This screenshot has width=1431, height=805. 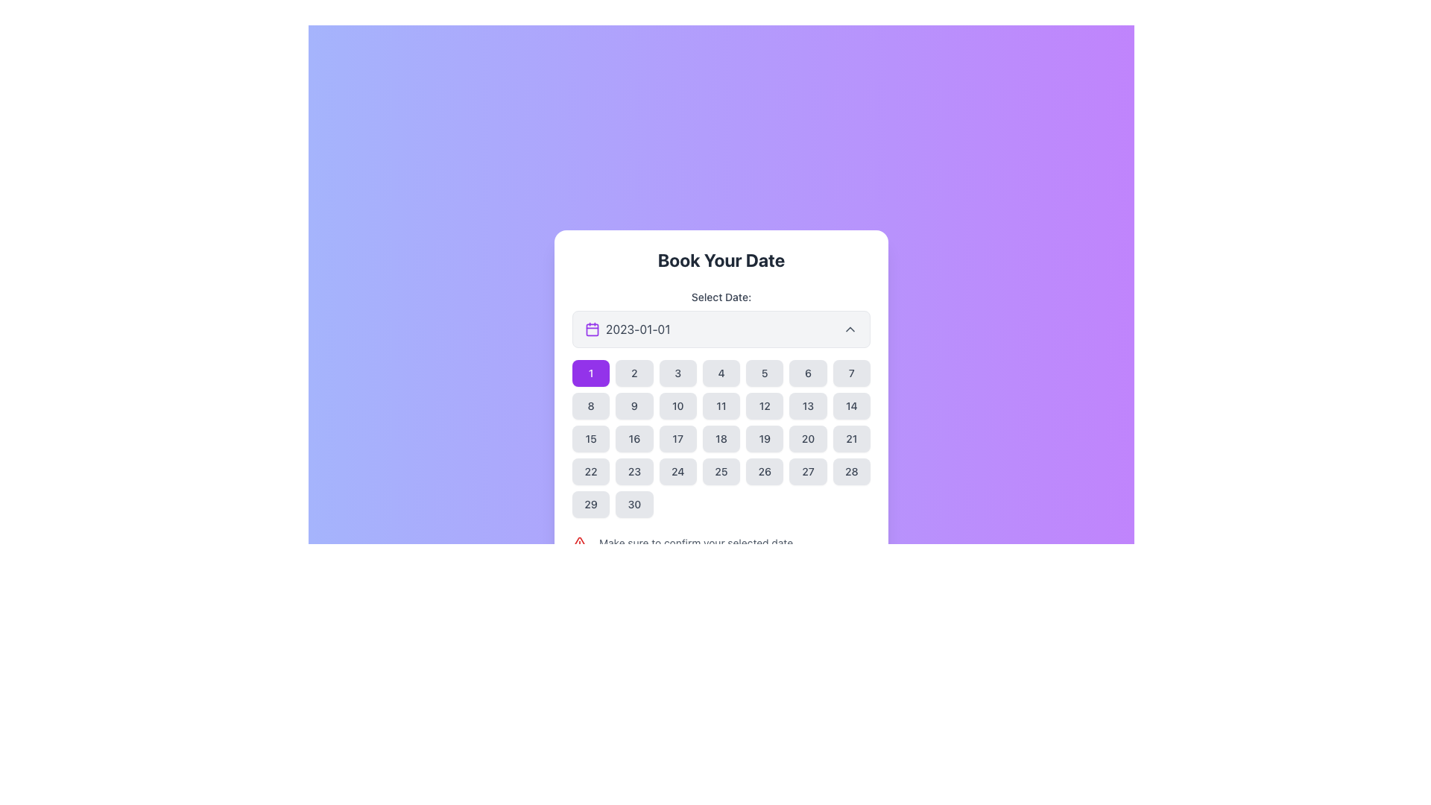 I want to click on the Interactive button labeled '14', which is a rounded rectangular button with a light gray background, so click(x=851, y=405).